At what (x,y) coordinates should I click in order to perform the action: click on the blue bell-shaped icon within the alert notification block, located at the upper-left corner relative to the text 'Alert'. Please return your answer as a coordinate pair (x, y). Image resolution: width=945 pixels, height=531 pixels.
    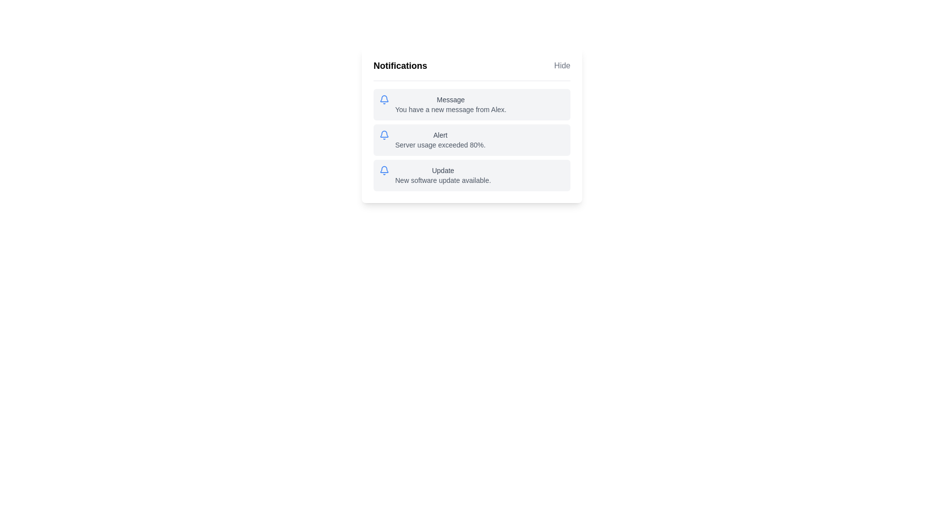
    Looking at the image, I should click on (384, 135).